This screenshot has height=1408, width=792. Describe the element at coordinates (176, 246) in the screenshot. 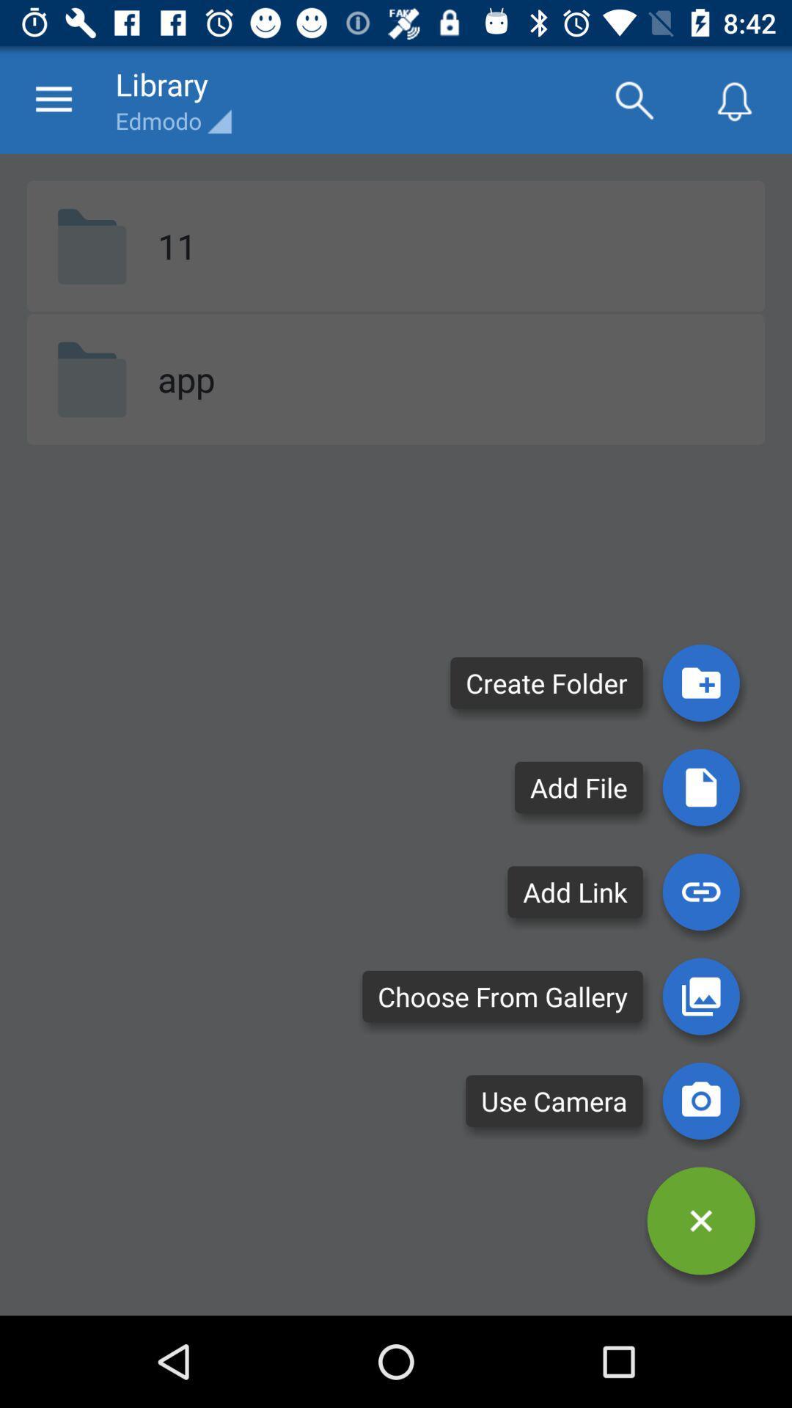

I see `the item below the edmodo` at that location.